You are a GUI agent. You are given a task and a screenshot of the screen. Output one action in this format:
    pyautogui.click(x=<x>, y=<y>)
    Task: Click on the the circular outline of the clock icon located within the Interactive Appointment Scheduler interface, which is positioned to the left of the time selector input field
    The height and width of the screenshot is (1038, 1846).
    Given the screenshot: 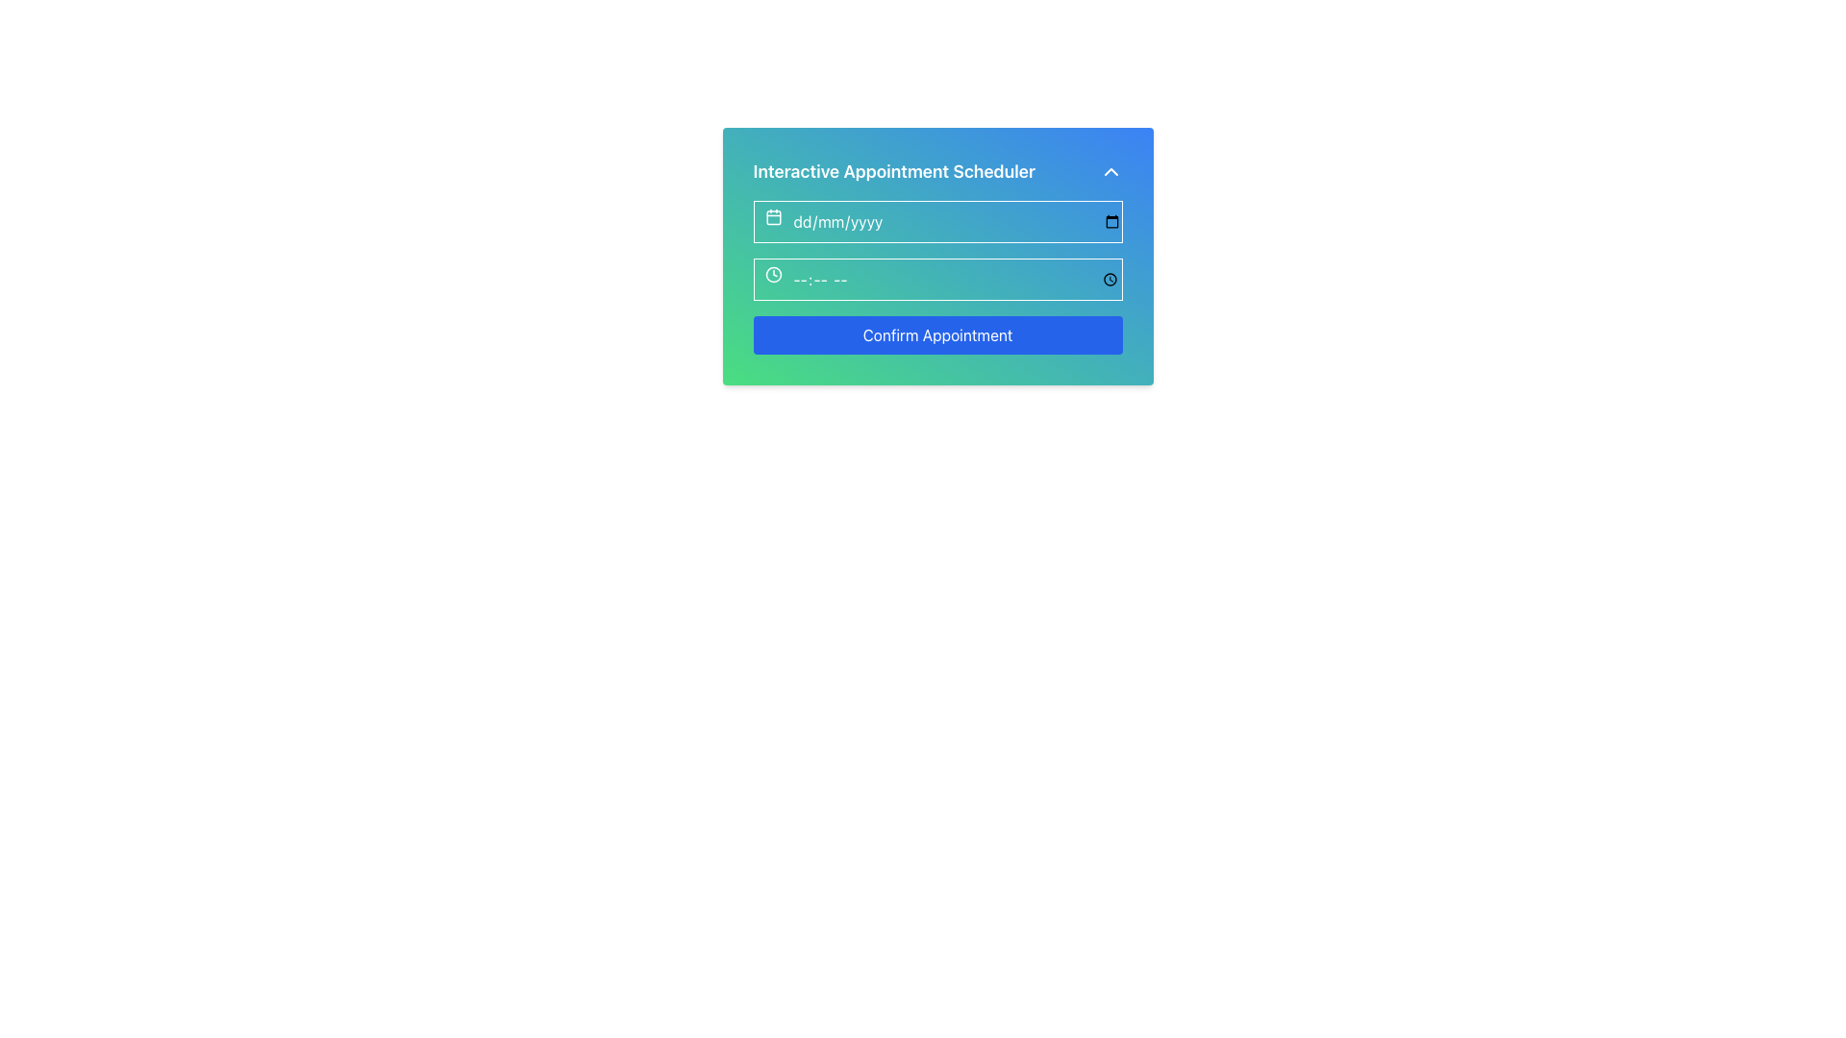 What is the action you would take?
    pyautogui.click(x=773, y=274)
    